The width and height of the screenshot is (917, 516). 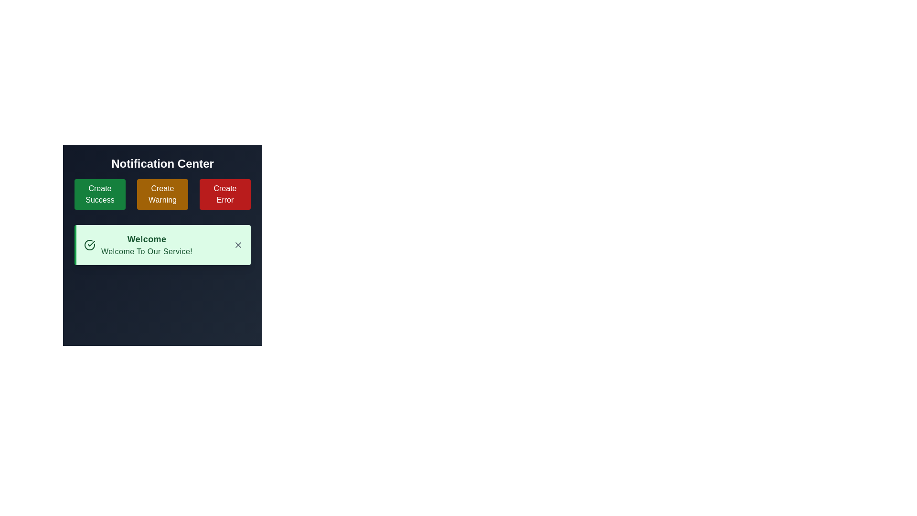 What do you see at coordinates (162, 163) in the screenshot?
I see `the 'Notification Center' text label, which serves as a descriptive header for the Notification Center area` at bounding box center [162, 163].